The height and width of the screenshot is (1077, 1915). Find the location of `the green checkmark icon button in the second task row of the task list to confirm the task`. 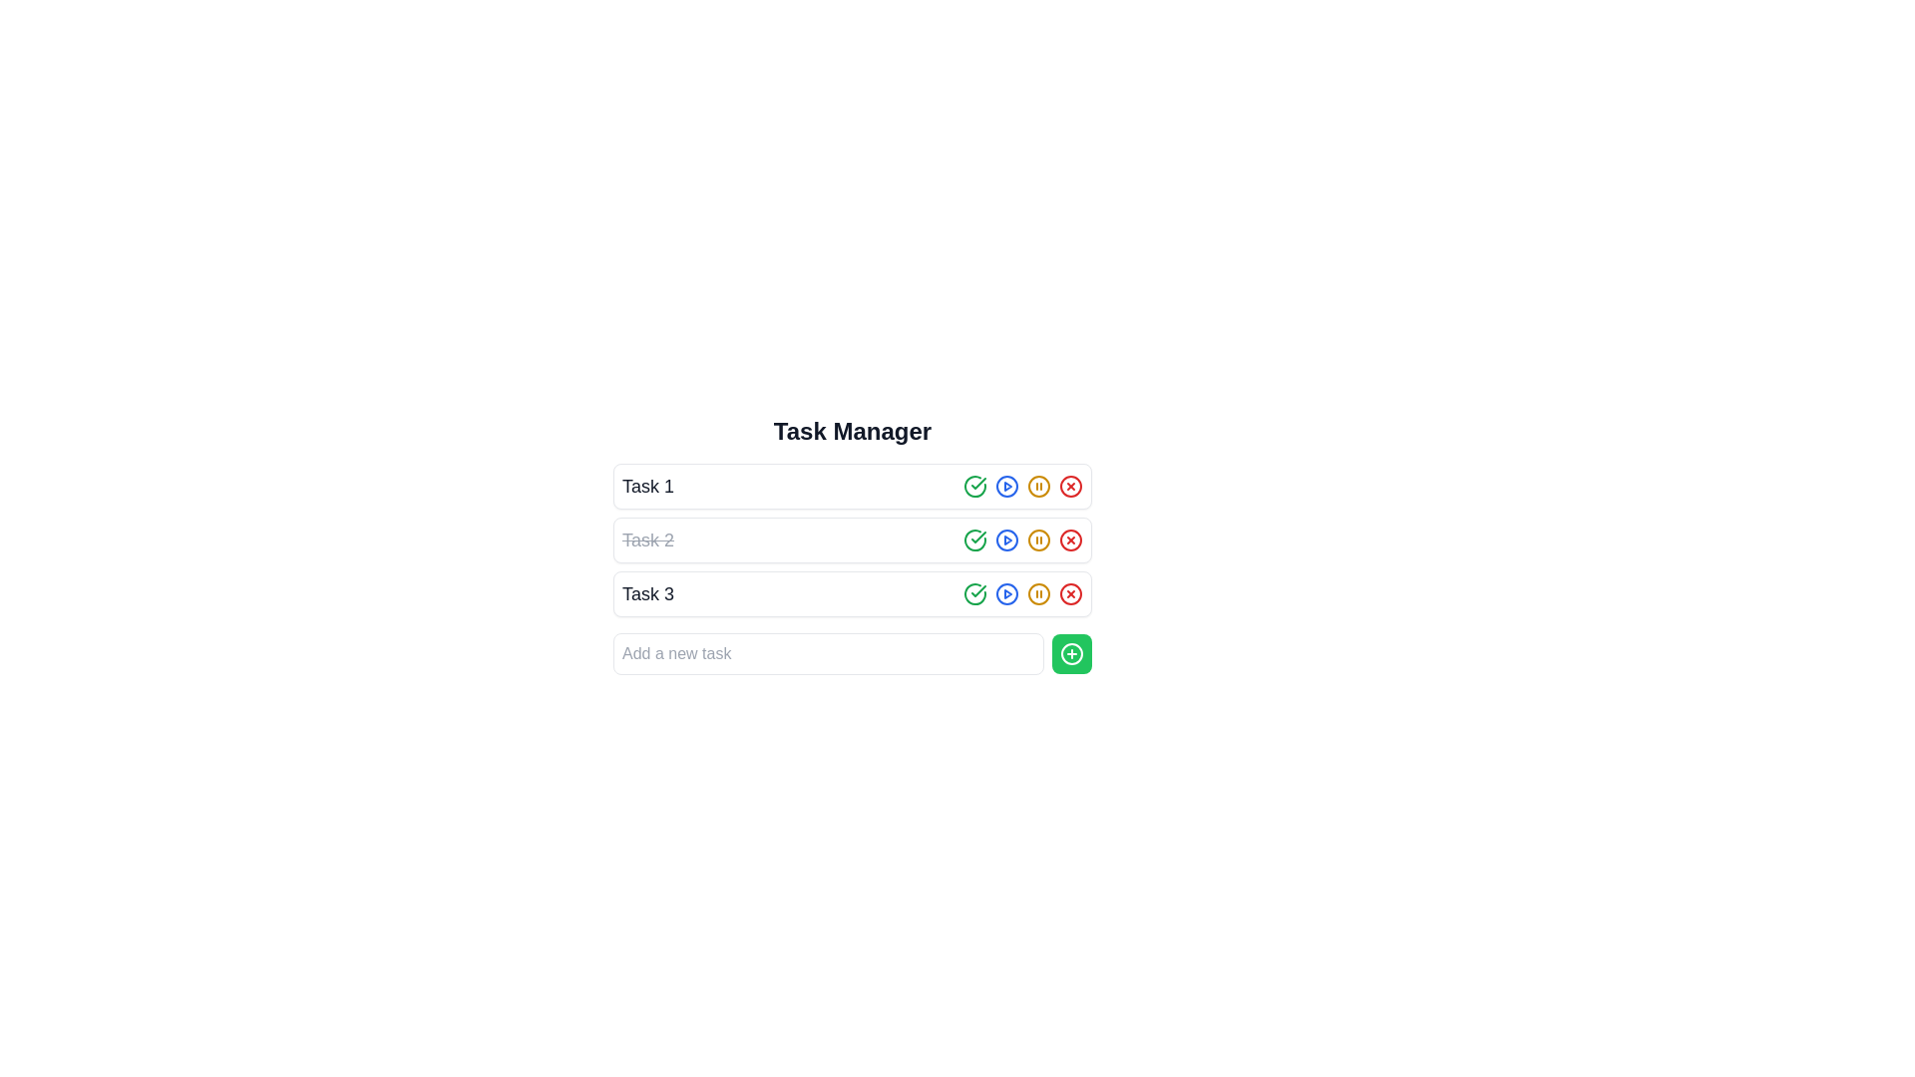

the green checkmark icon button in the second task row of the task list to confirm the task is located at coordinates (978, 484).